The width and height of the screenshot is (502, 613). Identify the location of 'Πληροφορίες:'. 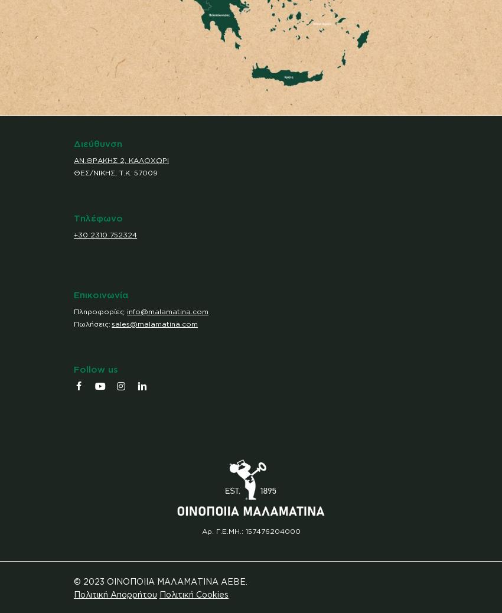
(100, 310).